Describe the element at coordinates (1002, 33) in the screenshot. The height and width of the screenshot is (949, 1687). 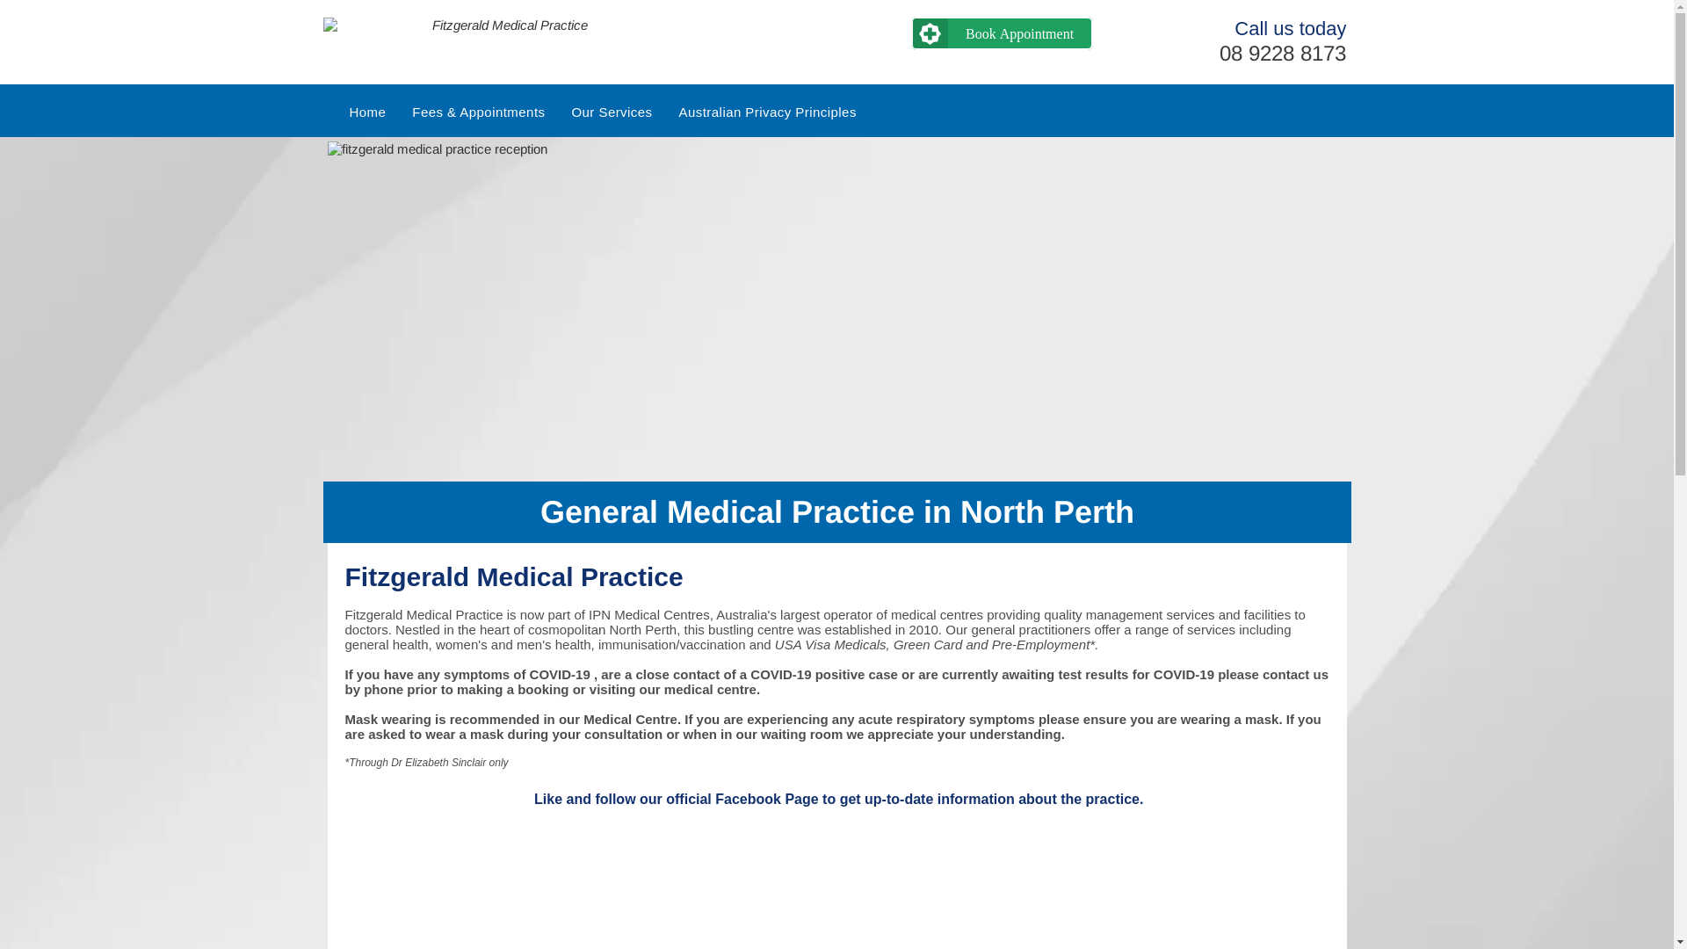
I see `'Book Appointment'` at that location.